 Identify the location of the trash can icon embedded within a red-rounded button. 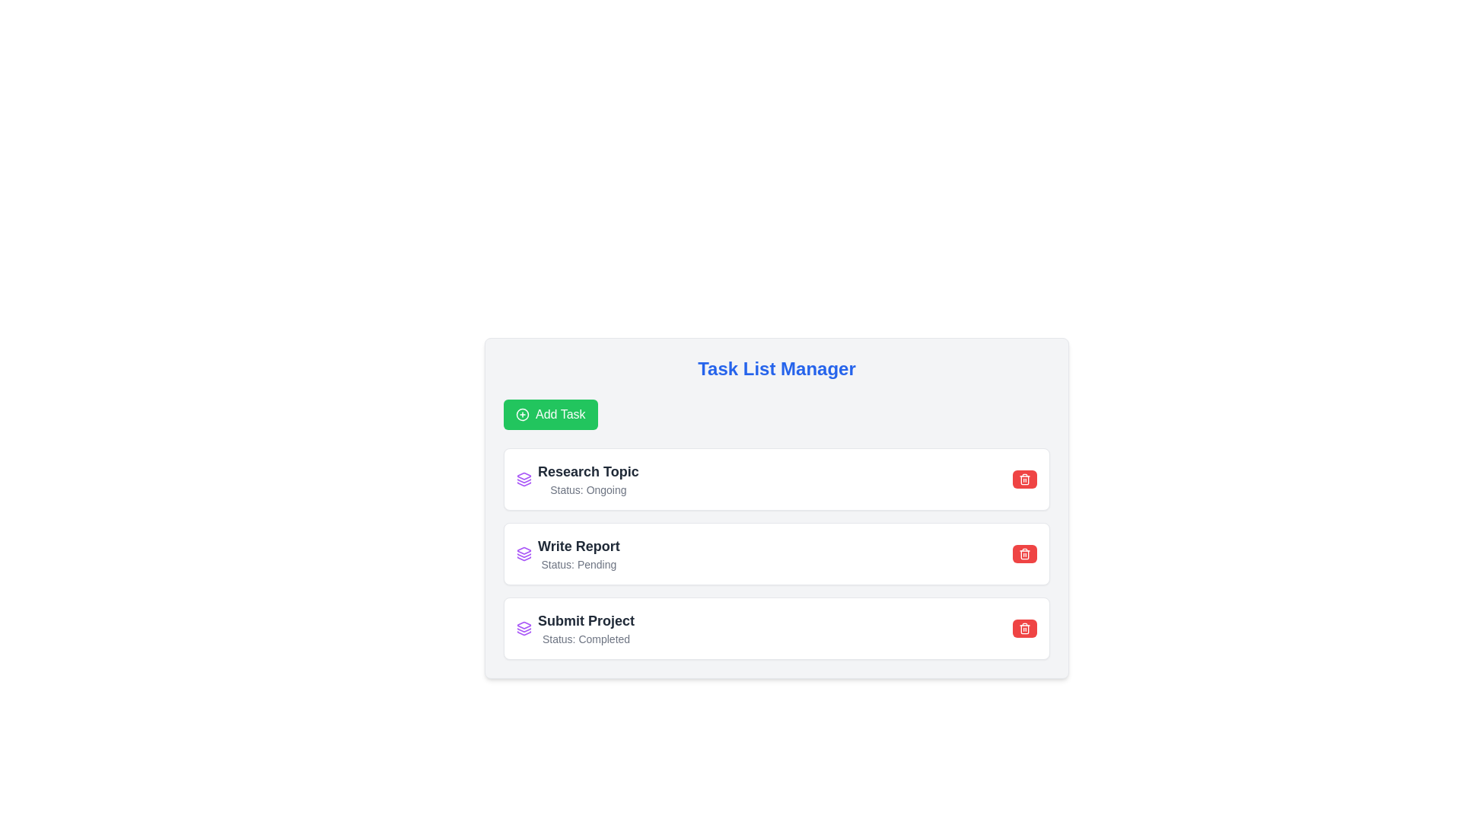
(1025, 478).